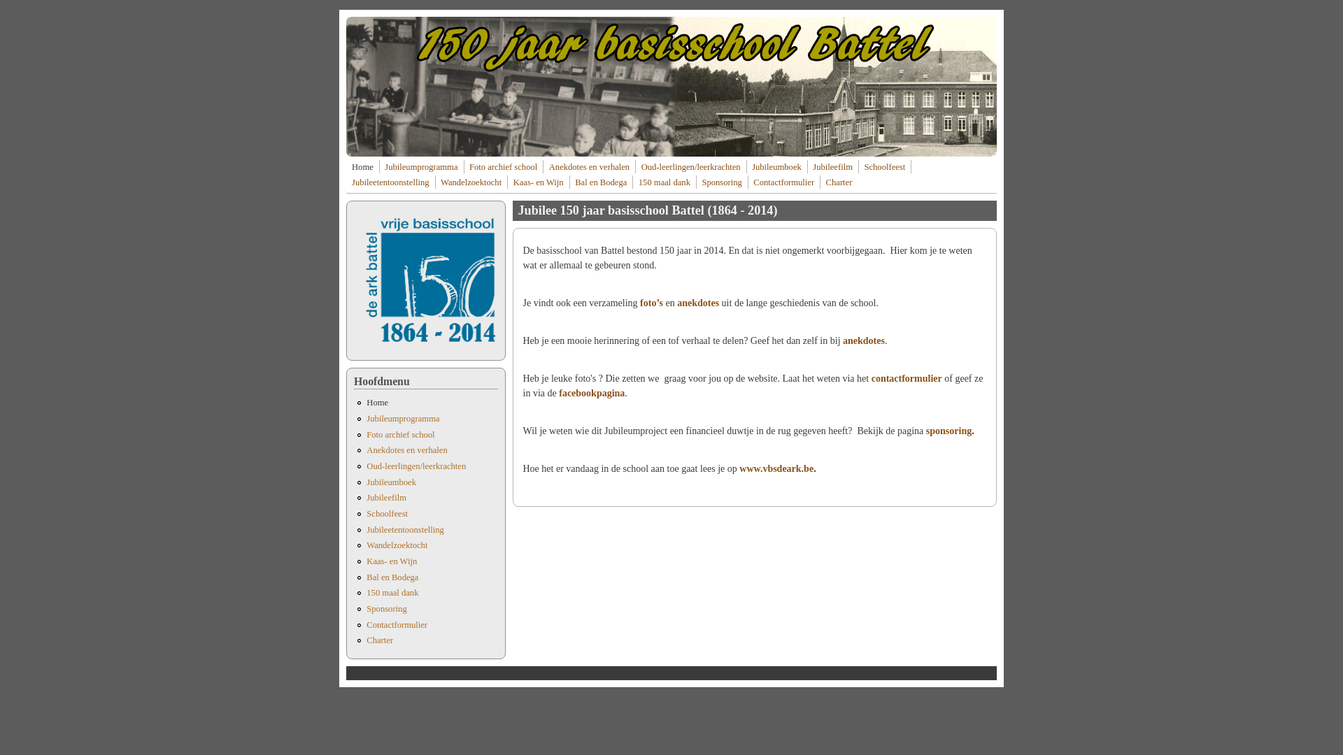 This screenshot has height=755, width=1343. What do you see at coordinates (386, 608) in the screenshot?
I see `'Sponsoring'` at bounding box center [386, 608].